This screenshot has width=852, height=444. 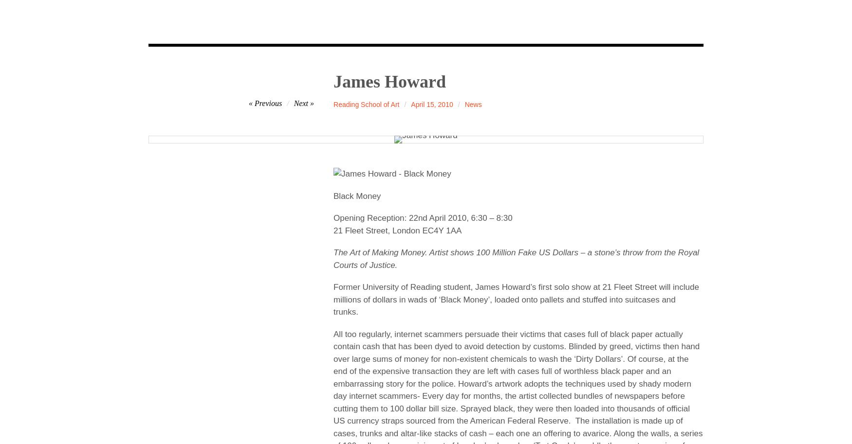 I want to click on '21 Fleet Street, London EC4Y 1AA', so click(x=397, y=230).